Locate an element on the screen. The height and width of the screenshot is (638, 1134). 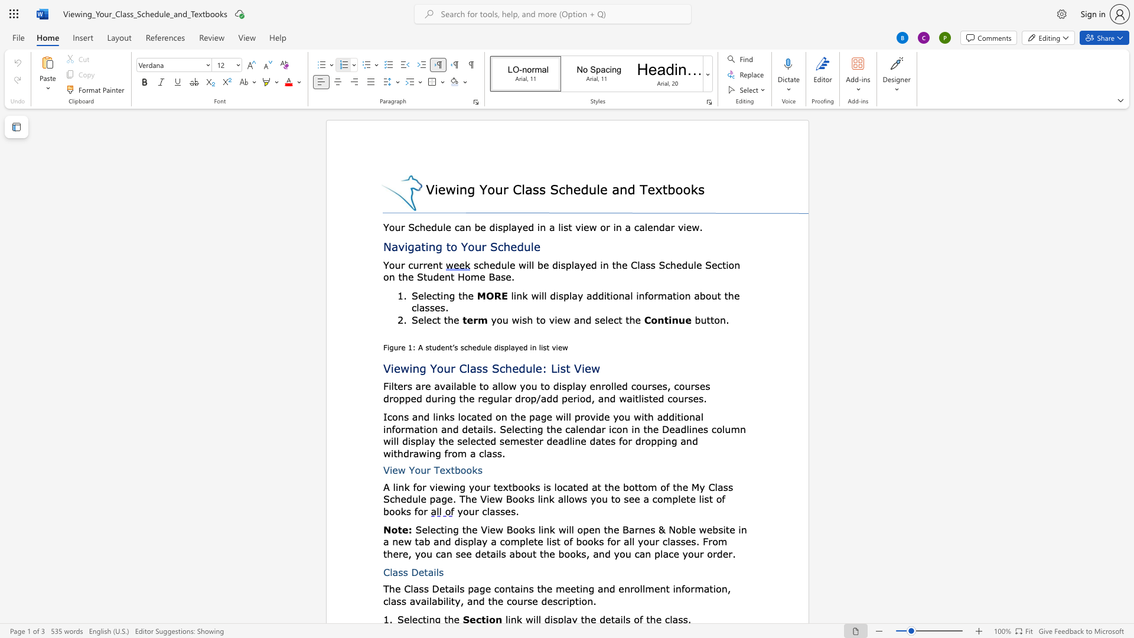
the 1th character "t" in the text is located at coordinates (440, 264).